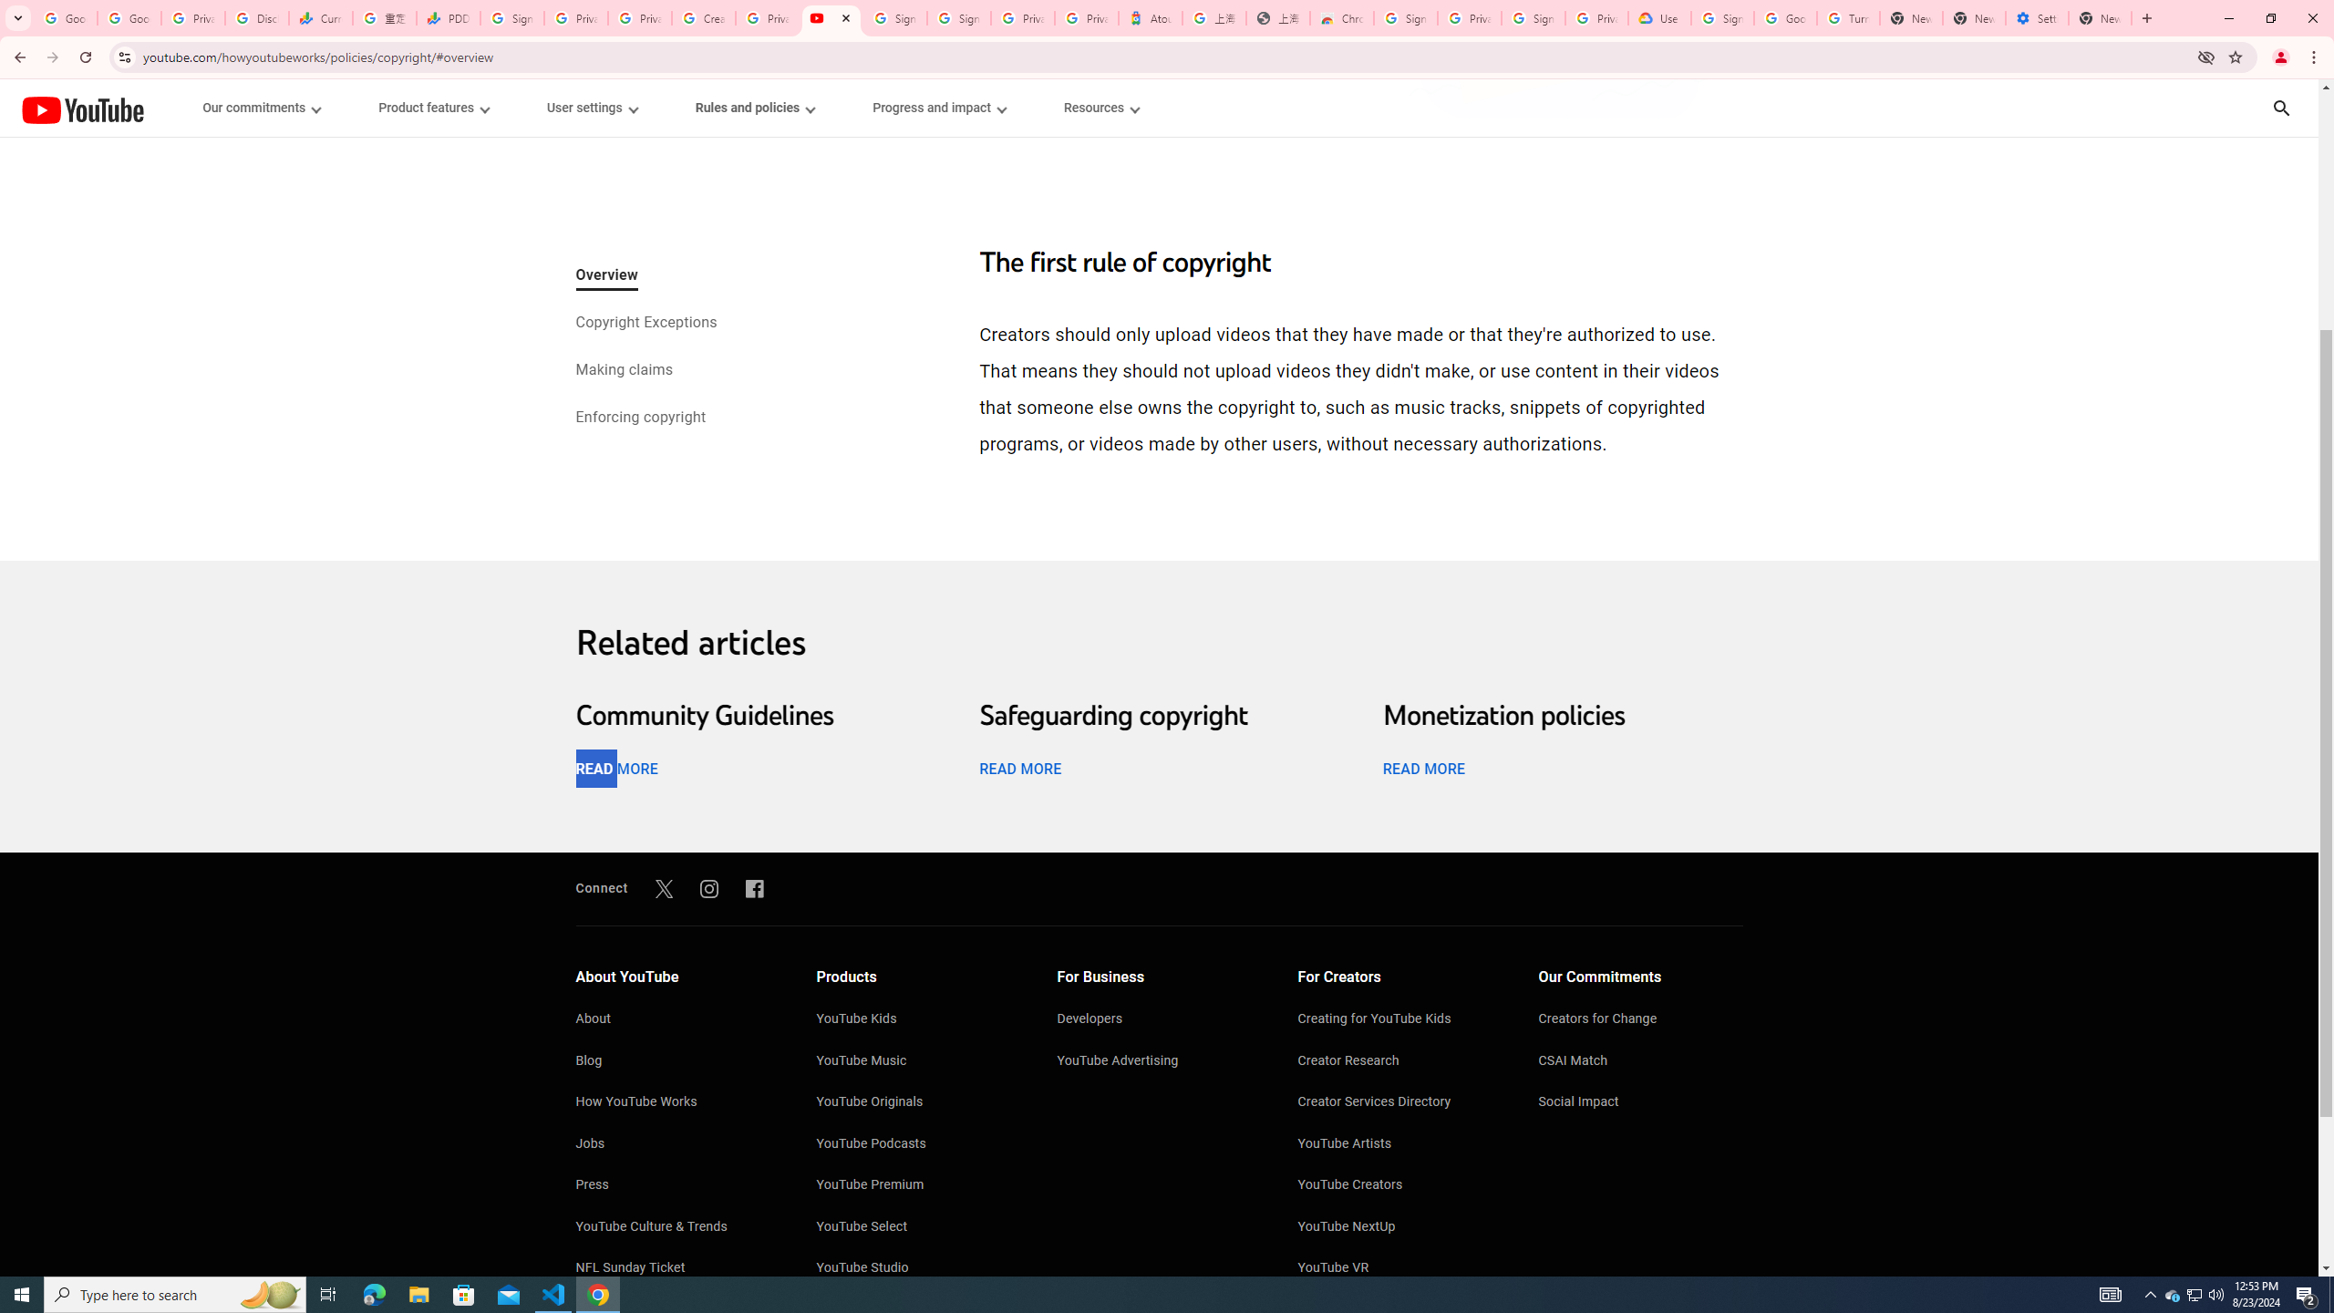 This screenshot has height=1313, width=2334. Describe the element at coordinates (447, 17) in the screenshot. I see `'PDD Holdings Inc - ADR (PDD) Price & News - Google Finance'` at that location.